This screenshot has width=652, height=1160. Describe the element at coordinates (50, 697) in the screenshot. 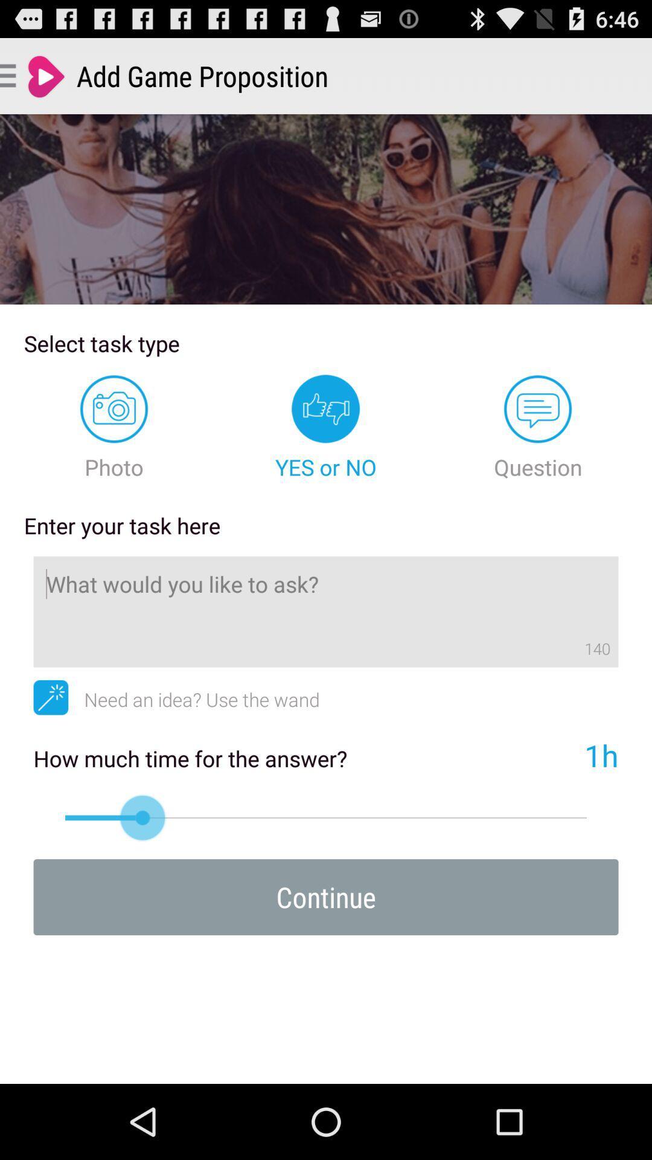

I see `click new idea option` at that location.